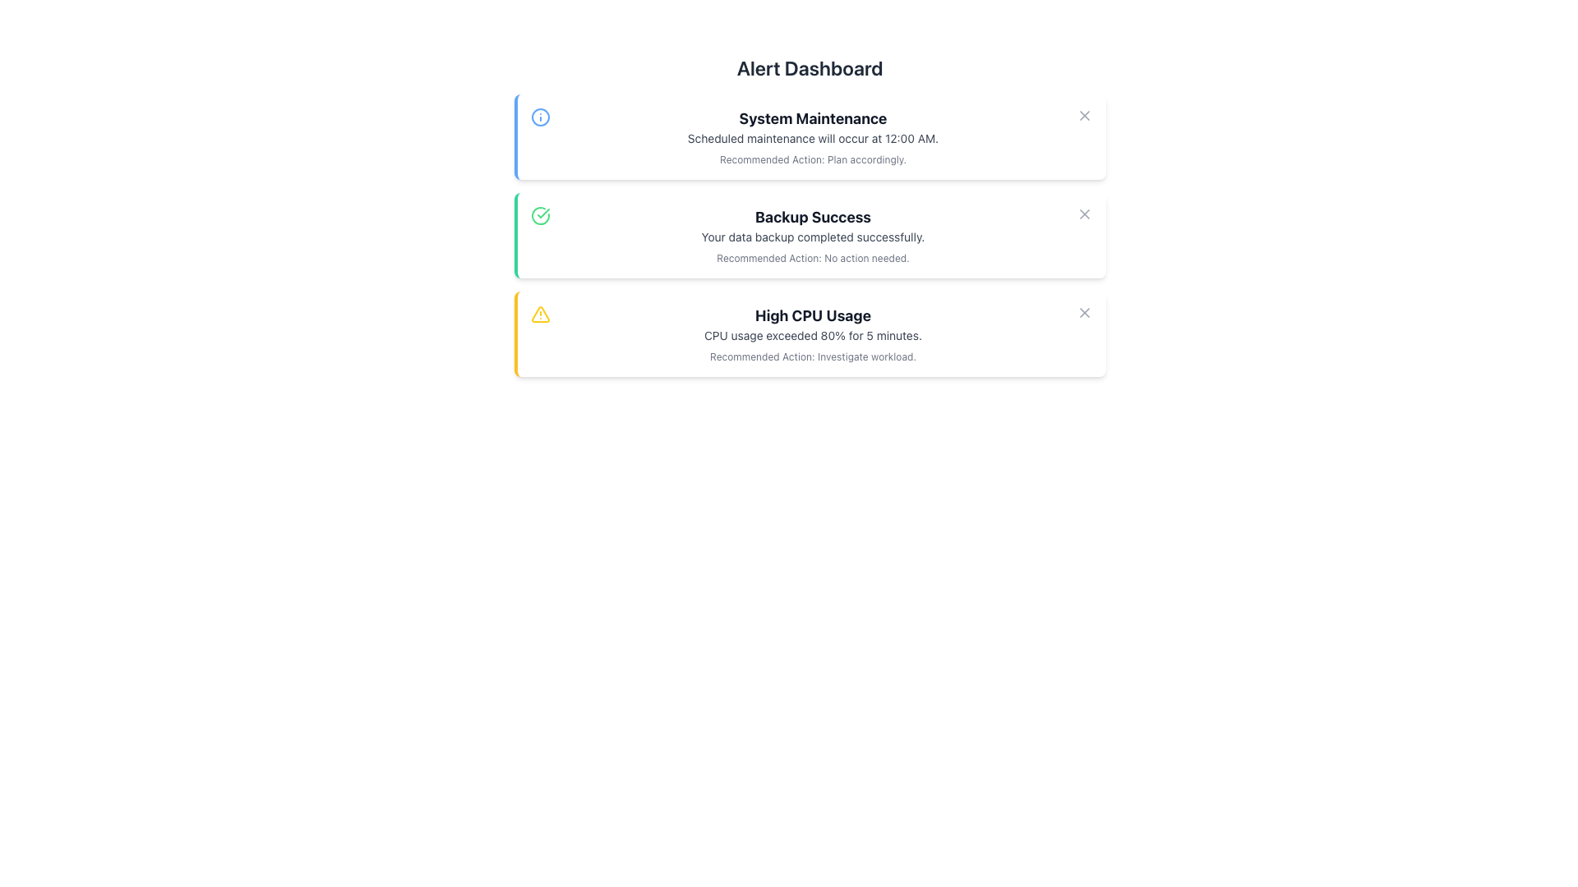  I want to click on the 'X' button with a gray outline in the top-right corner of the 'Backup Success' notification block, so click(1084, 214).